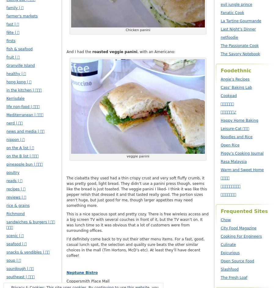 The width and height of the screenshot is (276, 288). I want to click on 'nippon | 日', so click(15, 139).